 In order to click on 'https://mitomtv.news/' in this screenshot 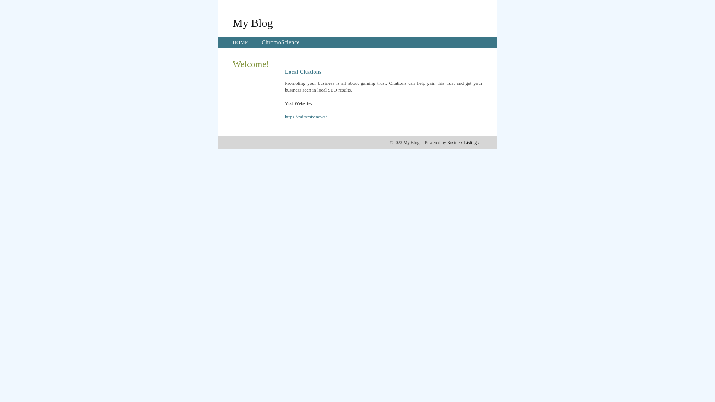, I will do `click(306, 117)`.